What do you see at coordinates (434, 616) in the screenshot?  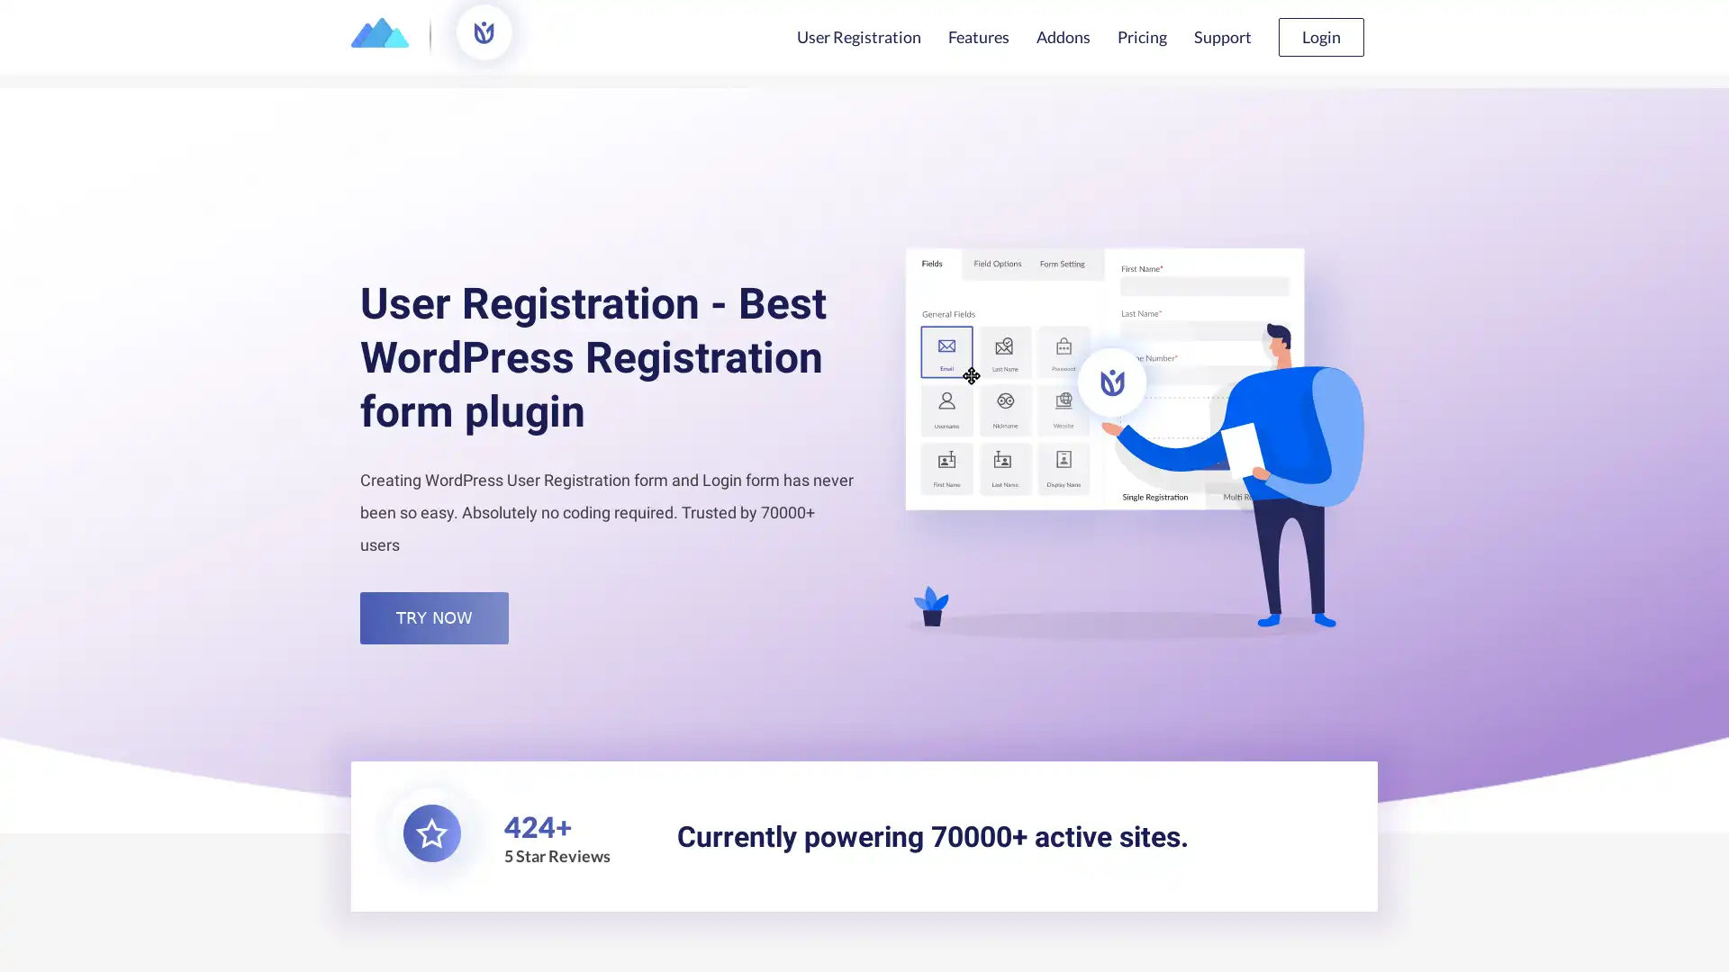 I see `TRY NOW` at bounding box center [434, 616].